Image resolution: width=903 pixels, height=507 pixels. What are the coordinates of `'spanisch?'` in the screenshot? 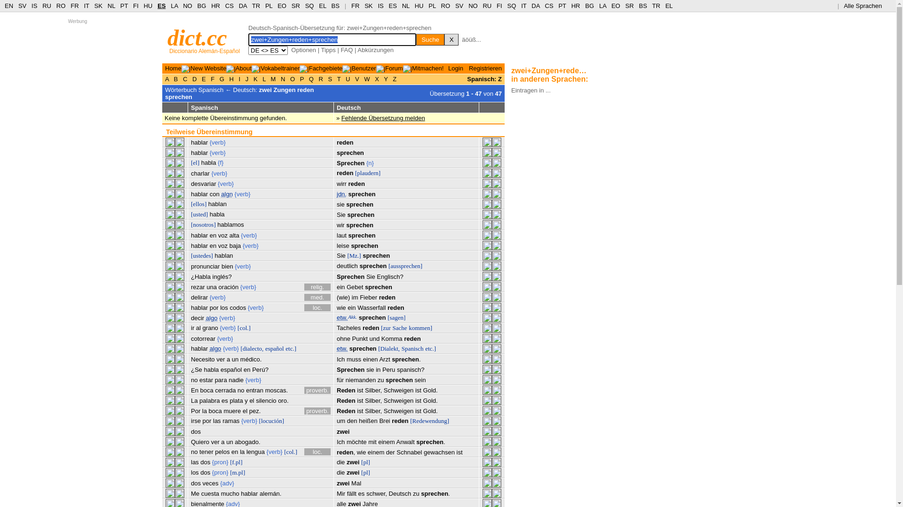 It's located at (411, 369).